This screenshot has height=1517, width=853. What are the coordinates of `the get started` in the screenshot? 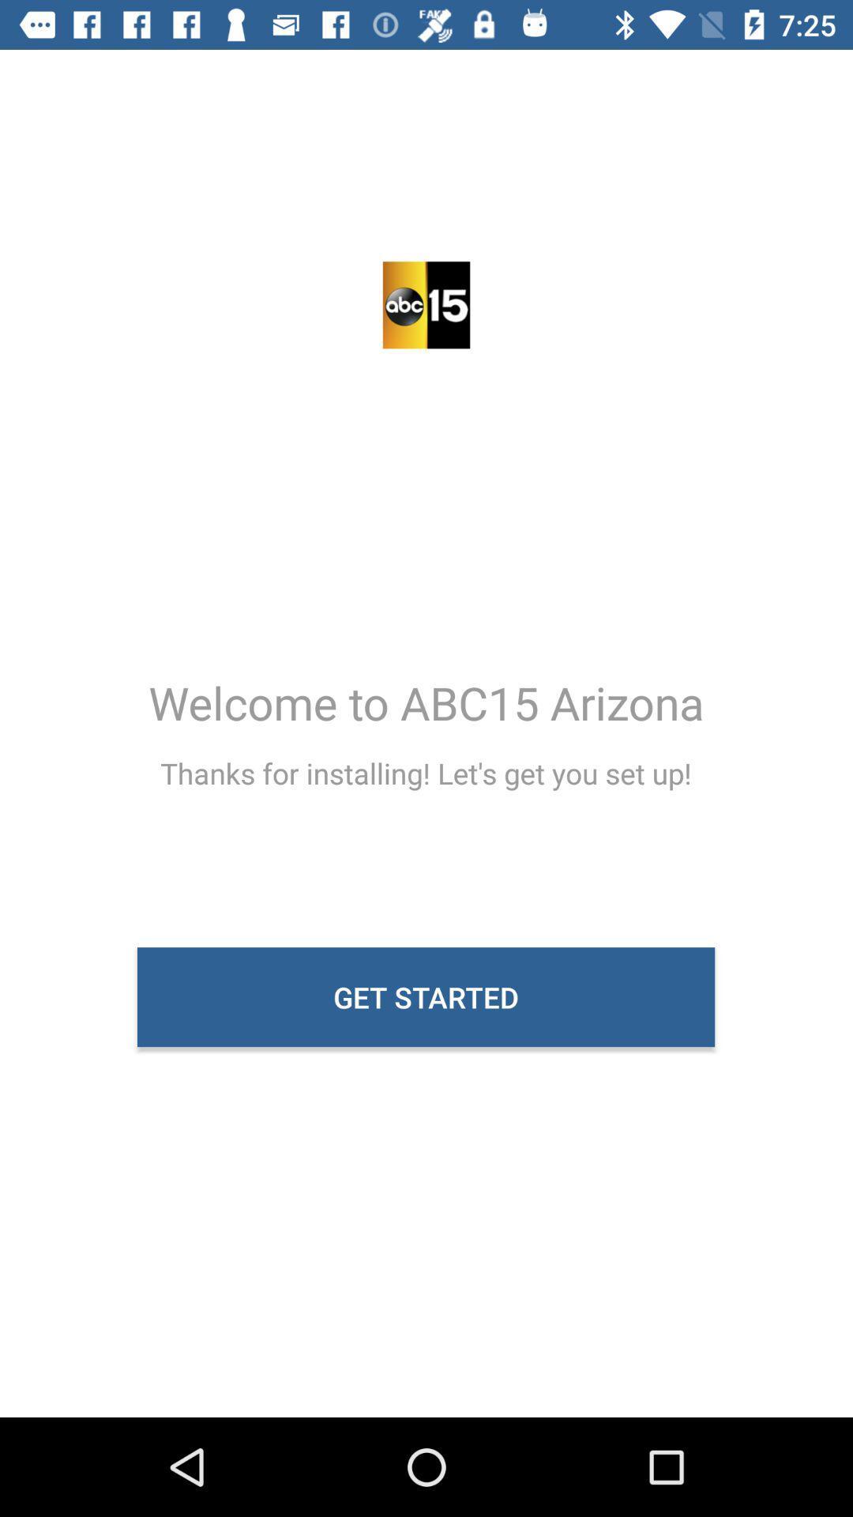 It's located at (425, 996).